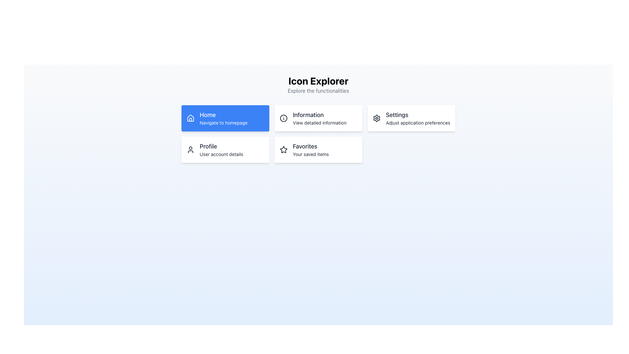 The image size is (629, 354). Describe the element at coordinates (418, 118) in the screenshot. I see `the Text Label that describes the 'Settings' option, located on the right-most side of the interface in the second row of options, adjacent to a gear icon` at that location.